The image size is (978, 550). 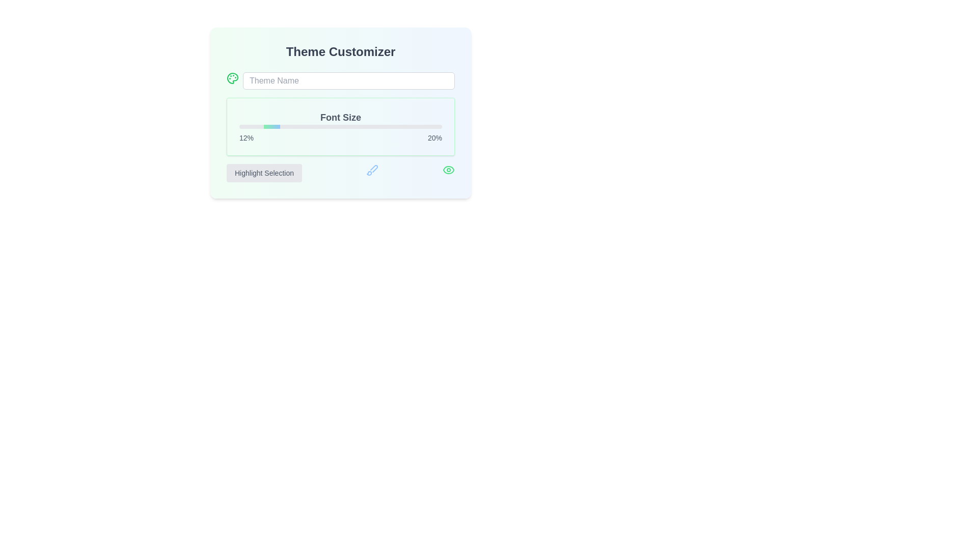 I want to click on the slider, so click(x=374, y=126).